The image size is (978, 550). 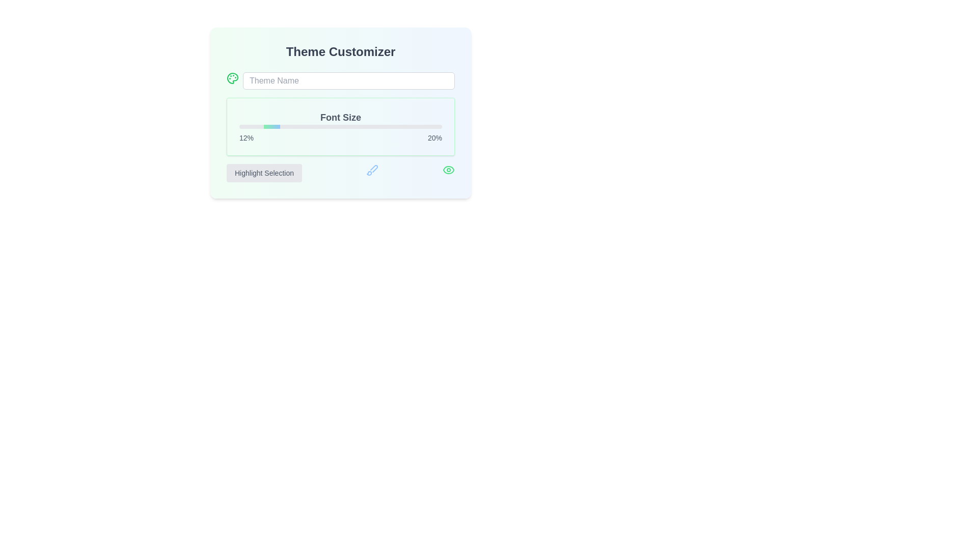 I want to click on the slider, so click(x=374, y=126).